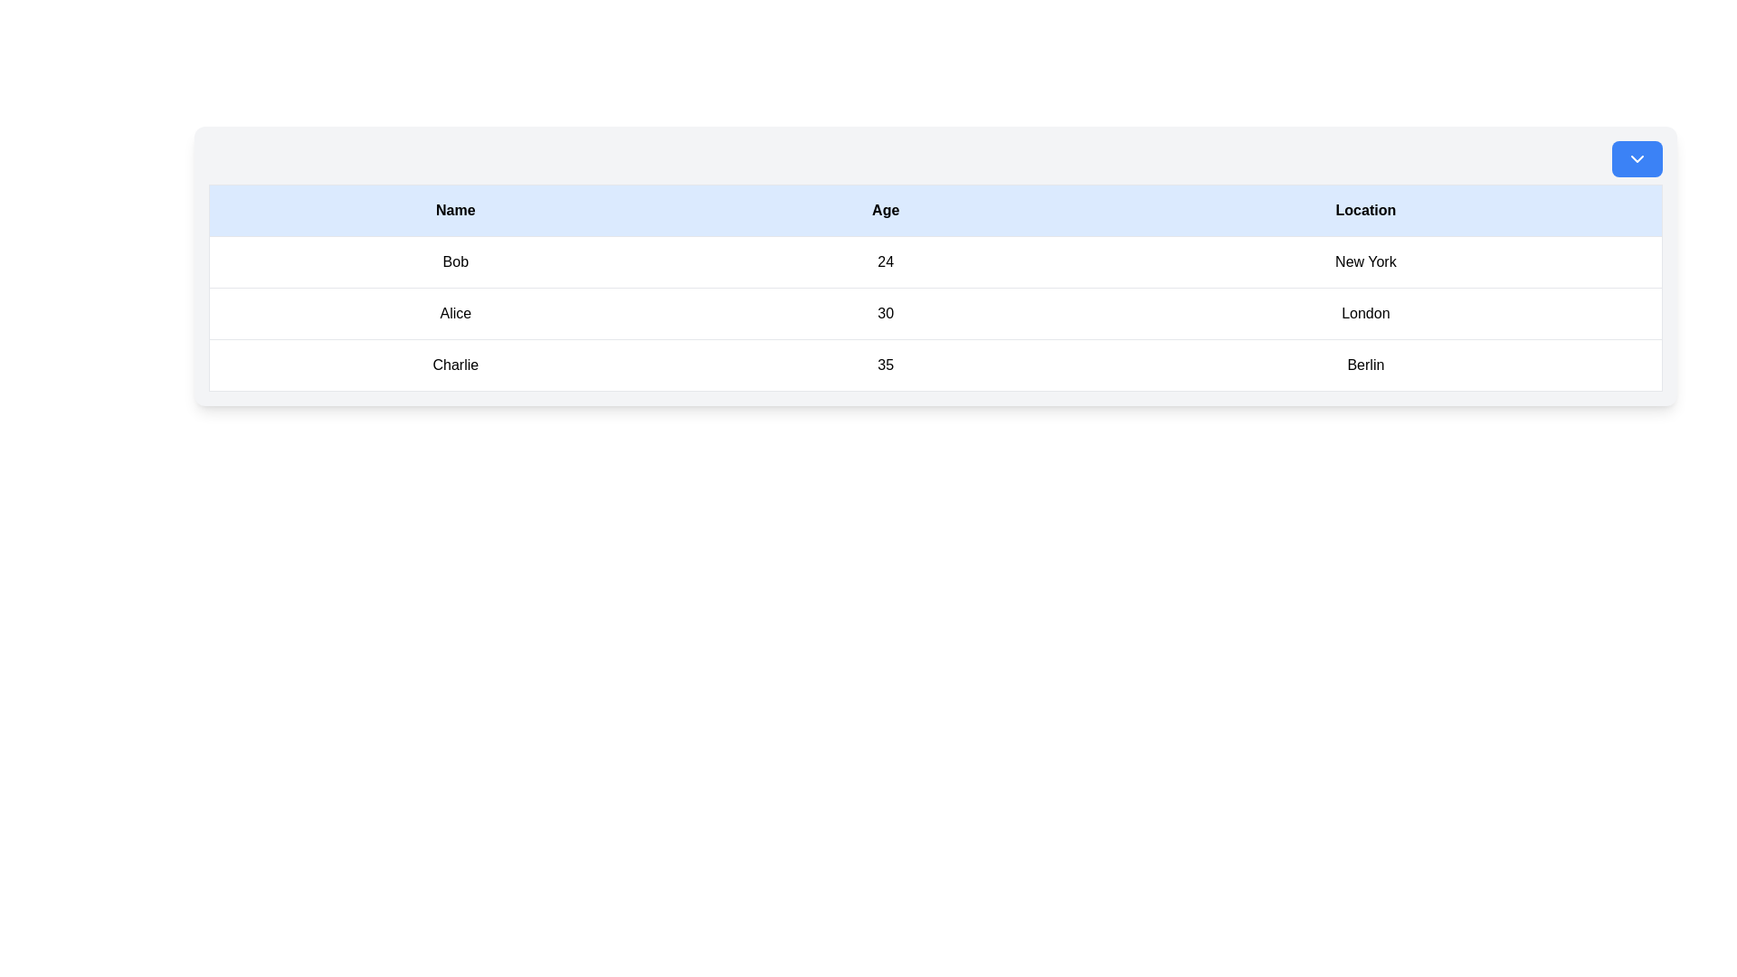 Image resolution: width=1737 pixels, height=977 pixels. I want to click on the numeric value '24' in the 'Age' column of the table, which is styled with moderate padding and a gray border at the bottom, so click(886, 261).